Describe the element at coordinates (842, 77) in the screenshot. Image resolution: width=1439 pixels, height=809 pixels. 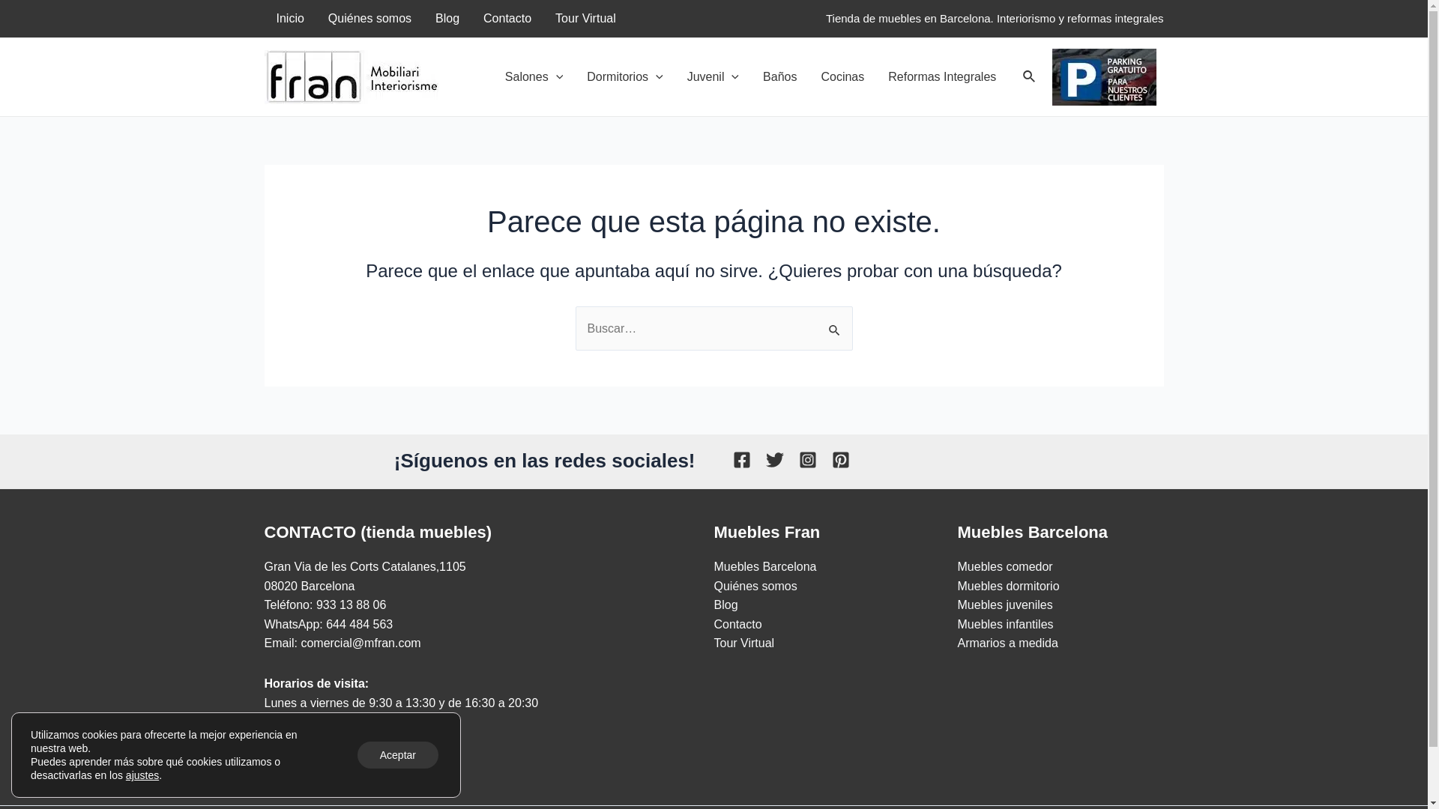
I see `'Cocinas'` at that location.